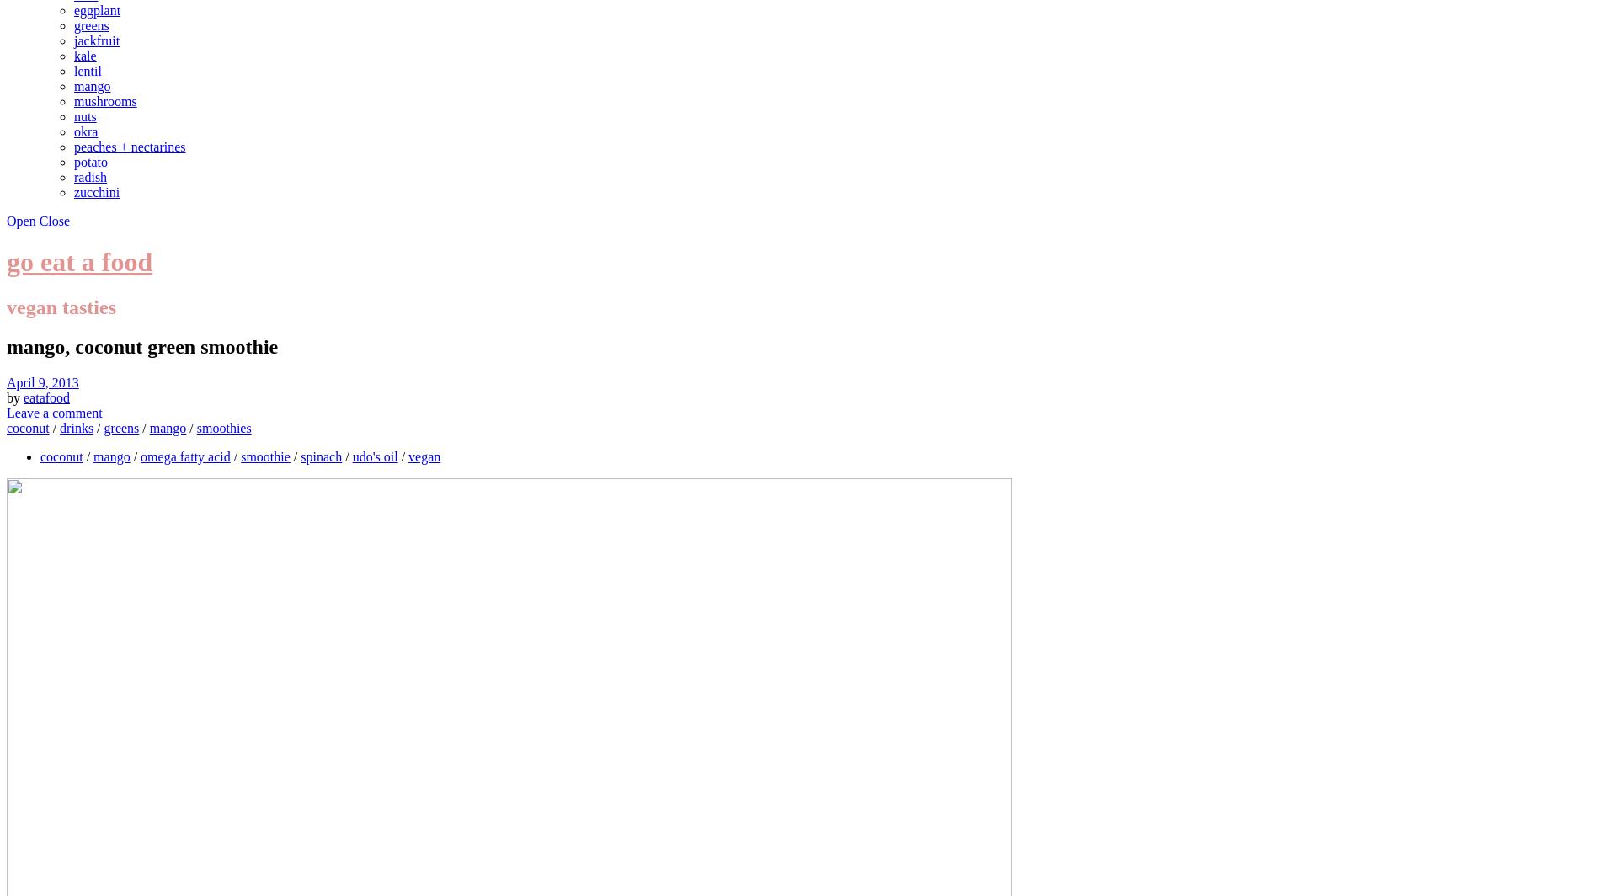  What do you see at coordinates (185, 456) in the screenshot?
I see `'omega fatty acid'` at bounding box center [185, 456].